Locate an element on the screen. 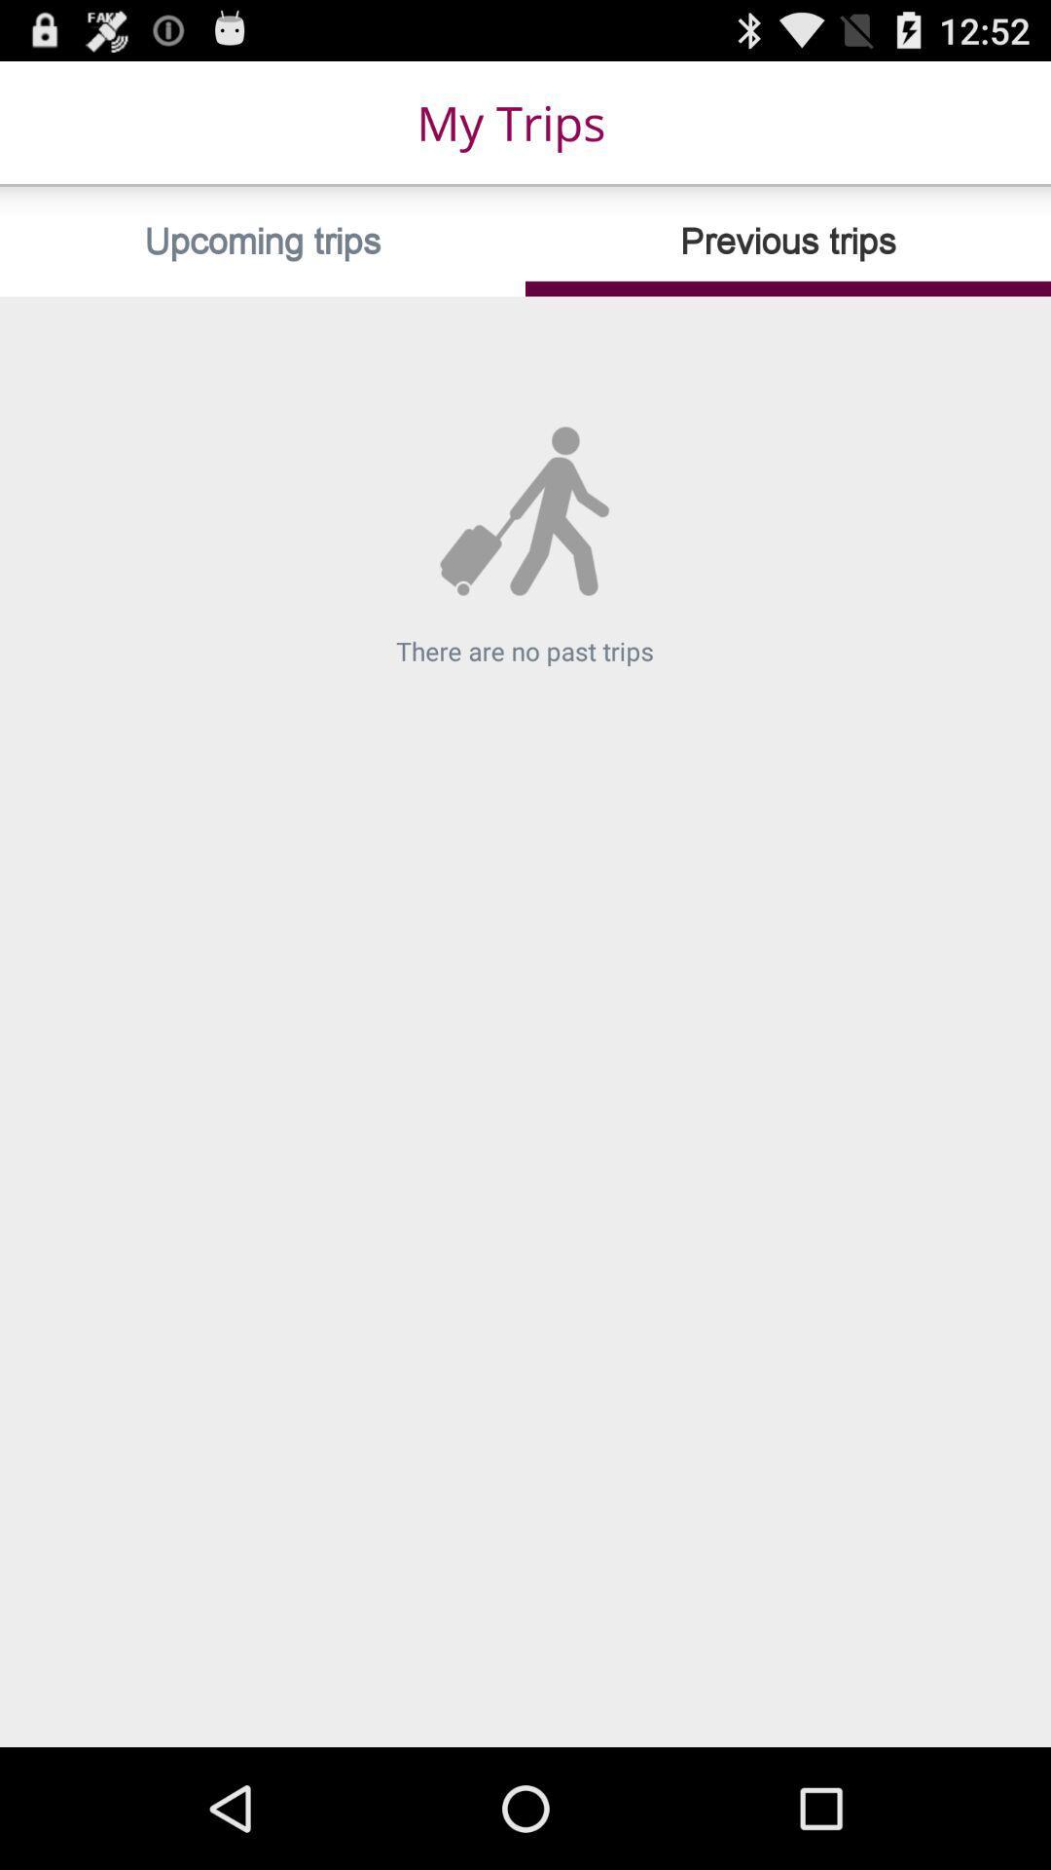 The image size is (1051, 1870). the item at the top right corner is located at coordinates (788, 241).